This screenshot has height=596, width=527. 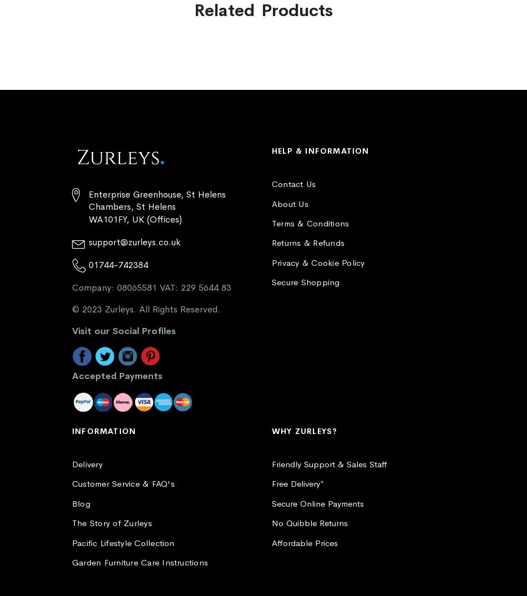 What do you see at coordinates (305, 542) in the screenshot?
I see `'Affordable Prices'` at bounding box center [305, 542].